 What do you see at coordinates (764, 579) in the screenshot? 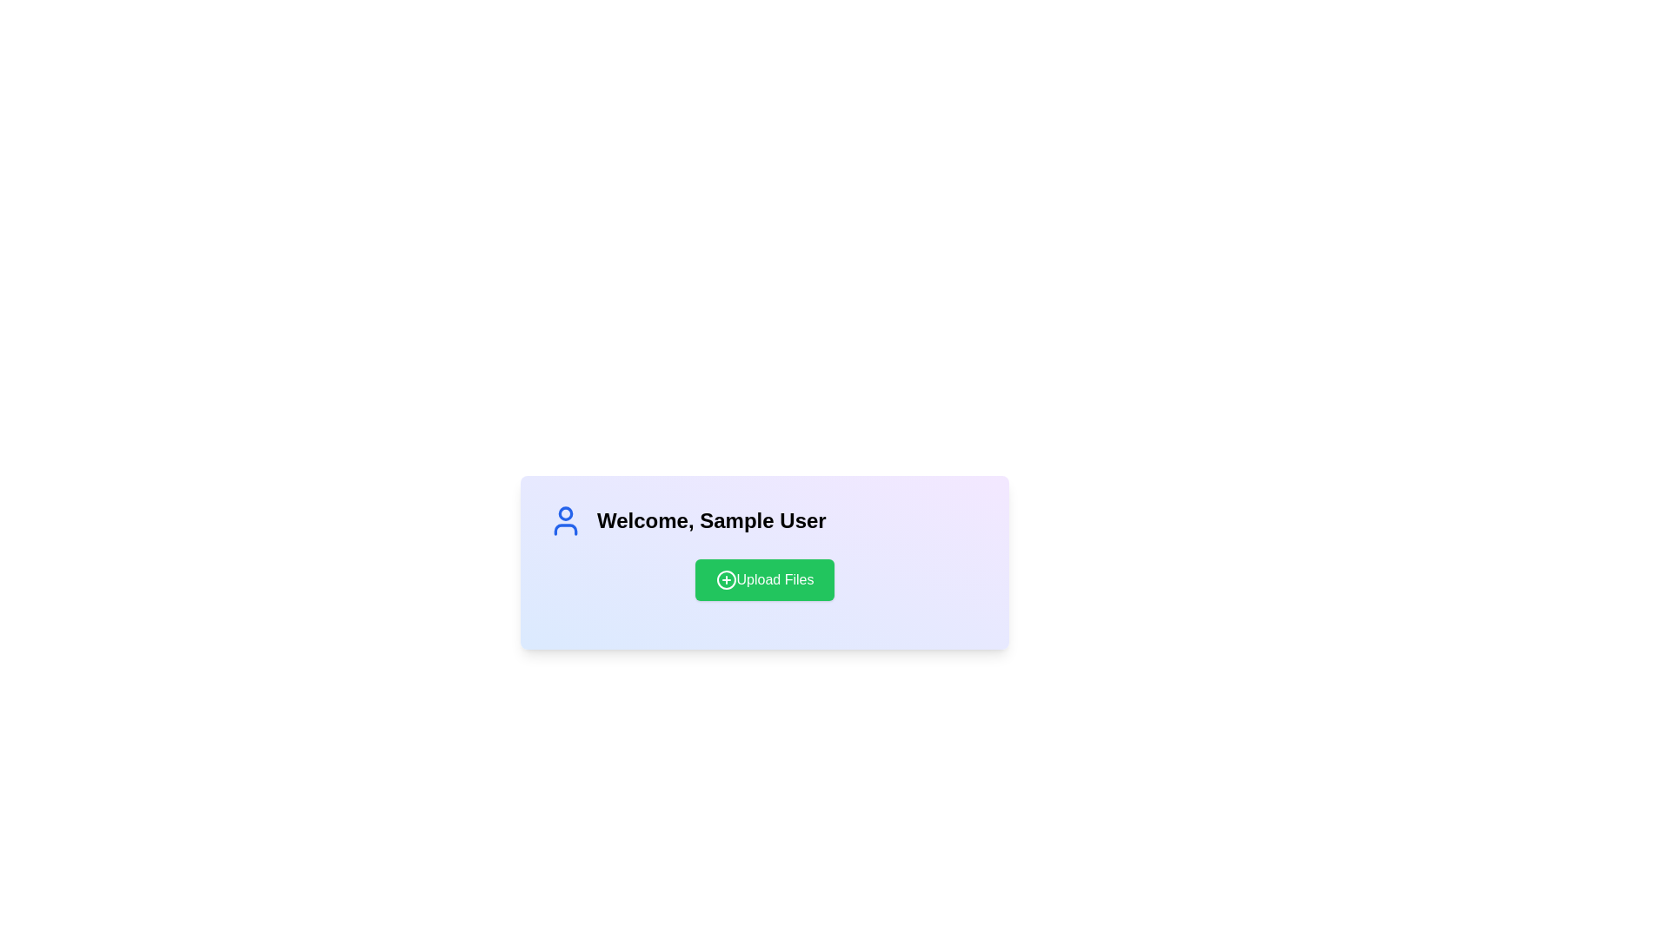
I see `the green rectangular button labeled 'Upload Files'` at bounding box center [764, 579].